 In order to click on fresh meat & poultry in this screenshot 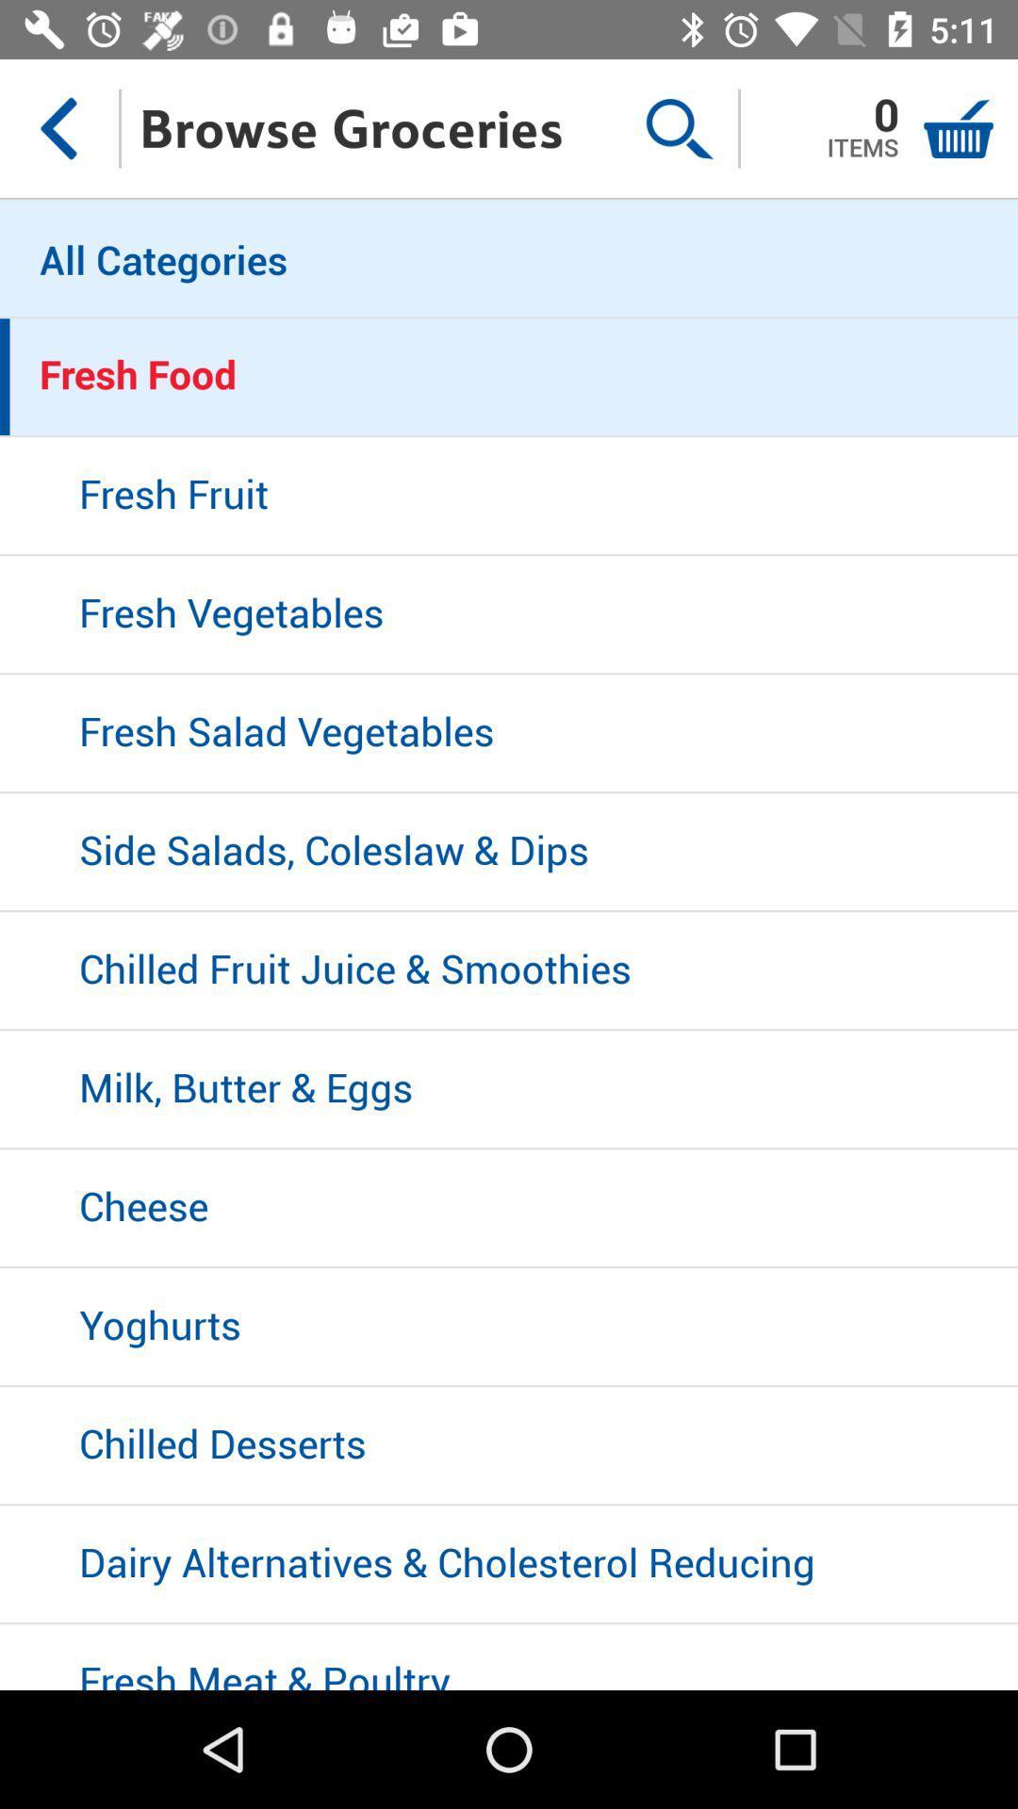, I will do `click(509, 1656)`.